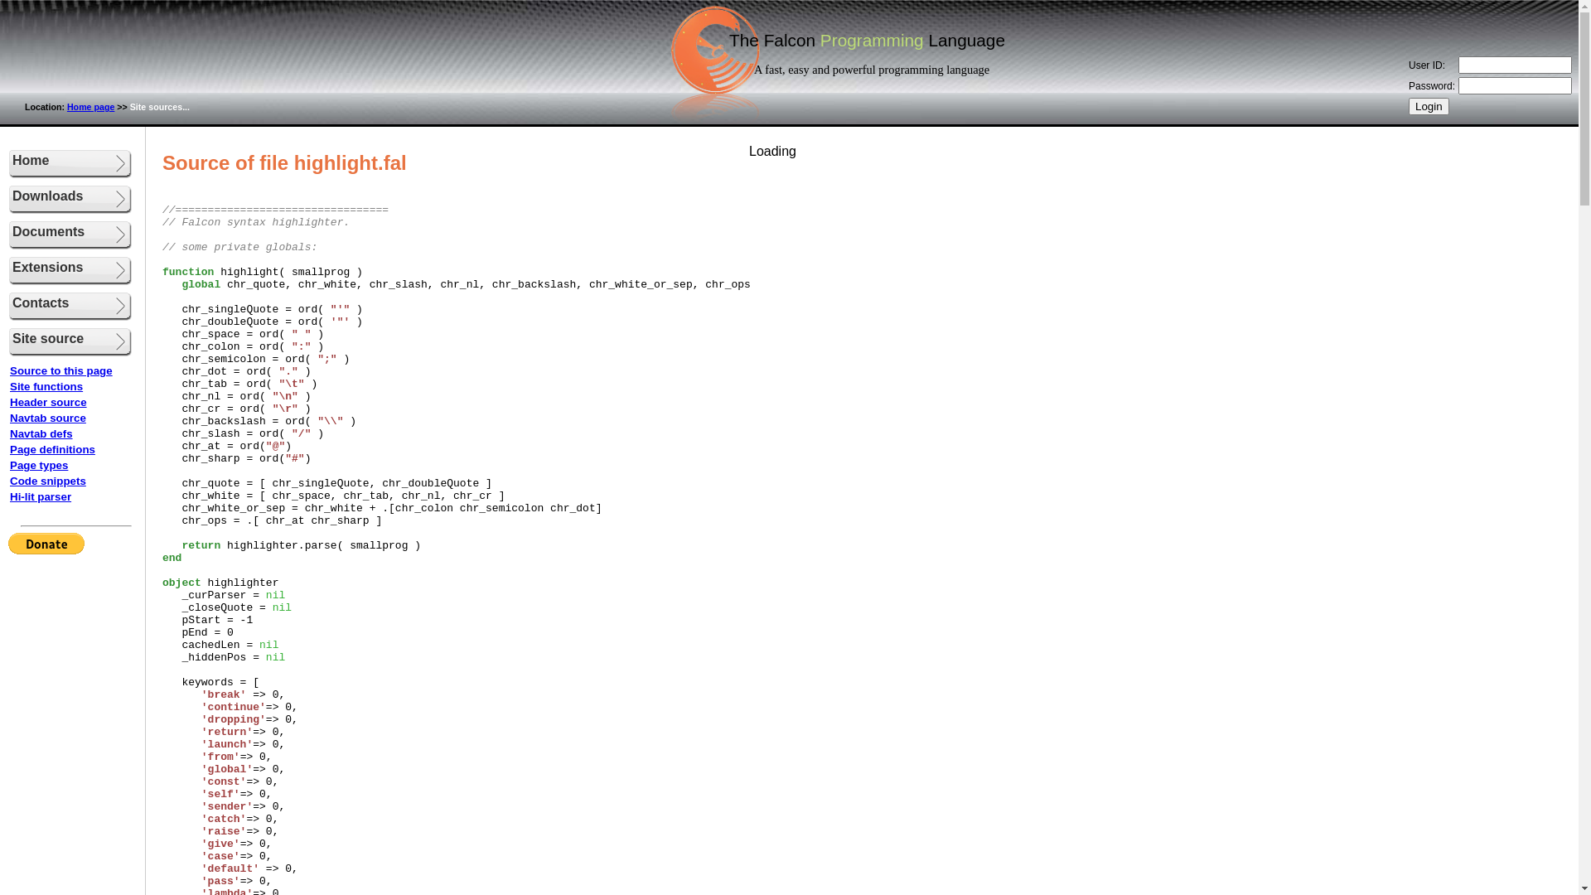  What do you see at coordinates (41, 433) in the screenshot?
I see `'Navtab defs'` at bounding box center [41, 433].